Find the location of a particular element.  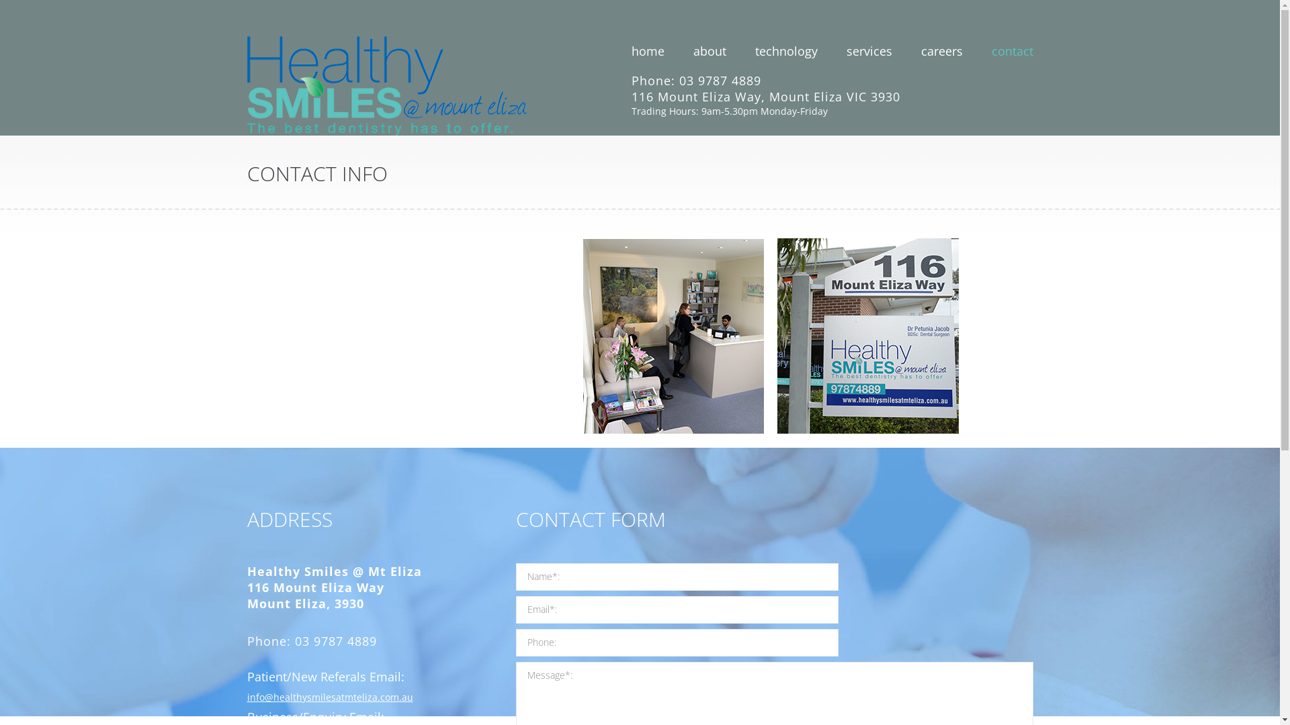

'services' is located at coordinates (845, 50).